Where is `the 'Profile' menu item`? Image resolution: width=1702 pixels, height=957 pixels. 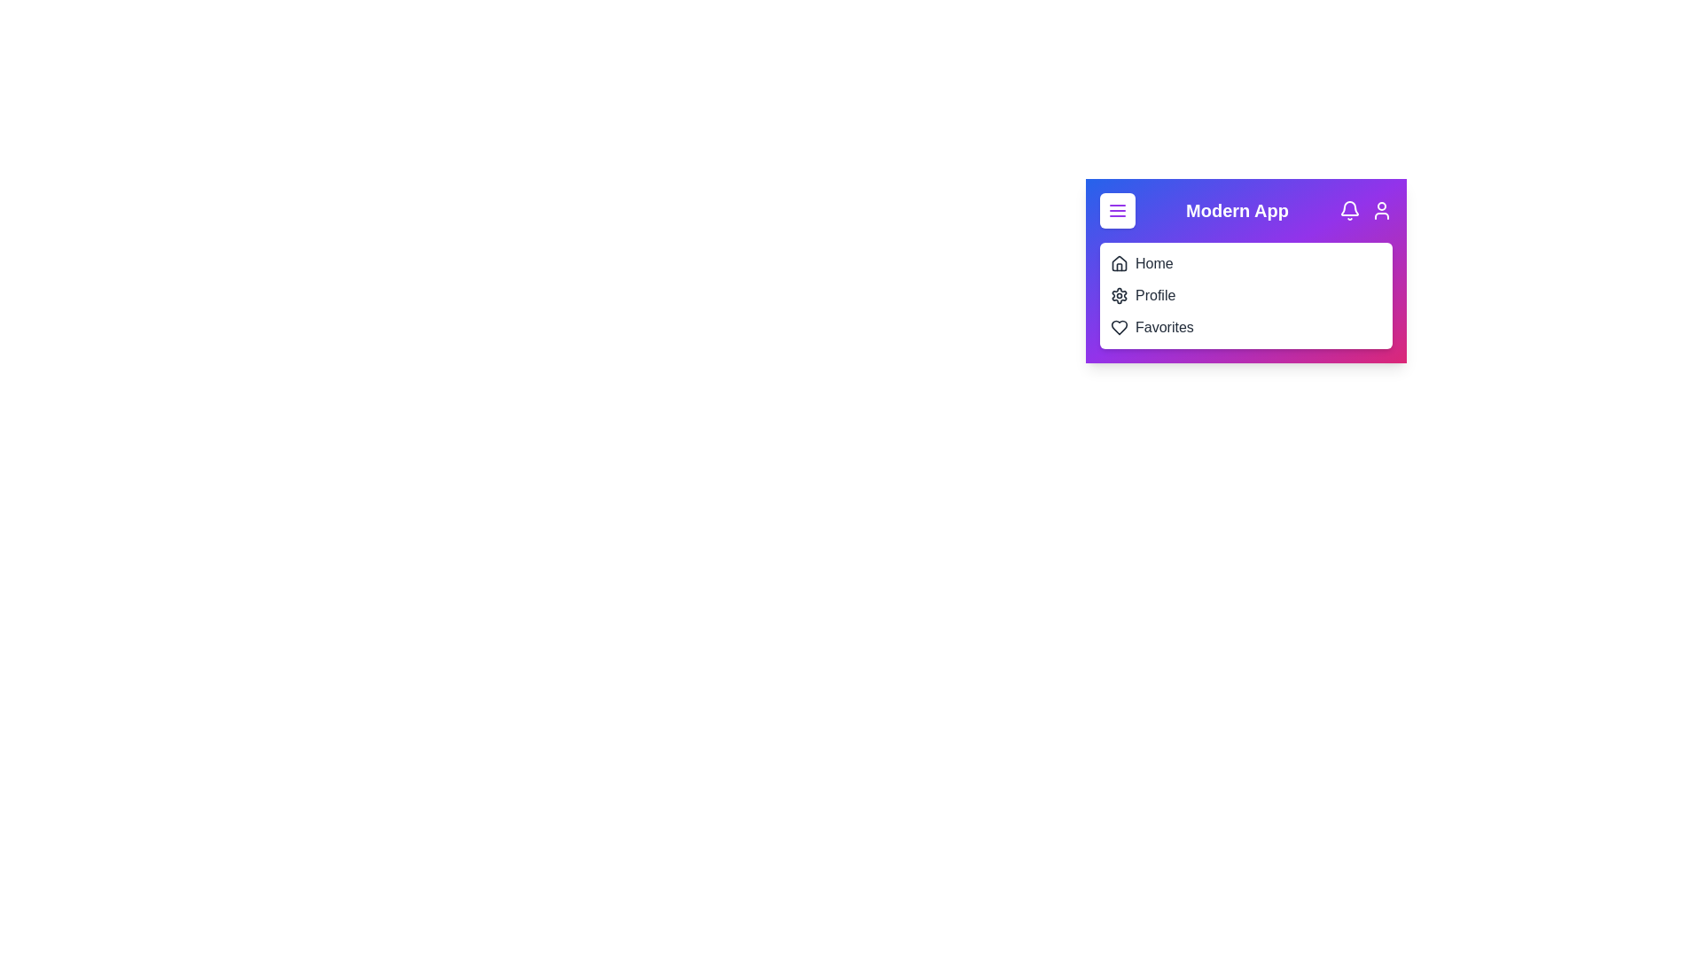 the 'Profile' menu item is located at coordinates (1155, 295).